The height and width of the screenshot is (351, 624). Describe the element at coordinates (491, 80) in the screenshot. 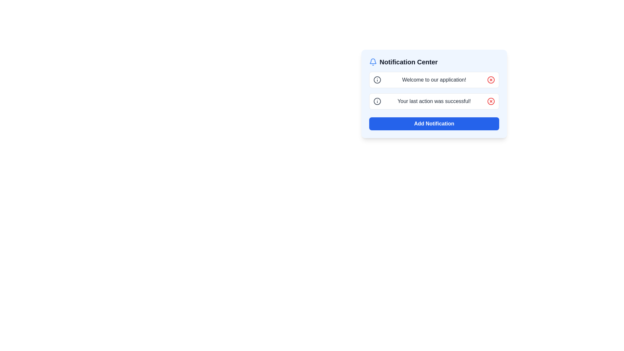

I see `the close button located at the top of the notification list` at that location.